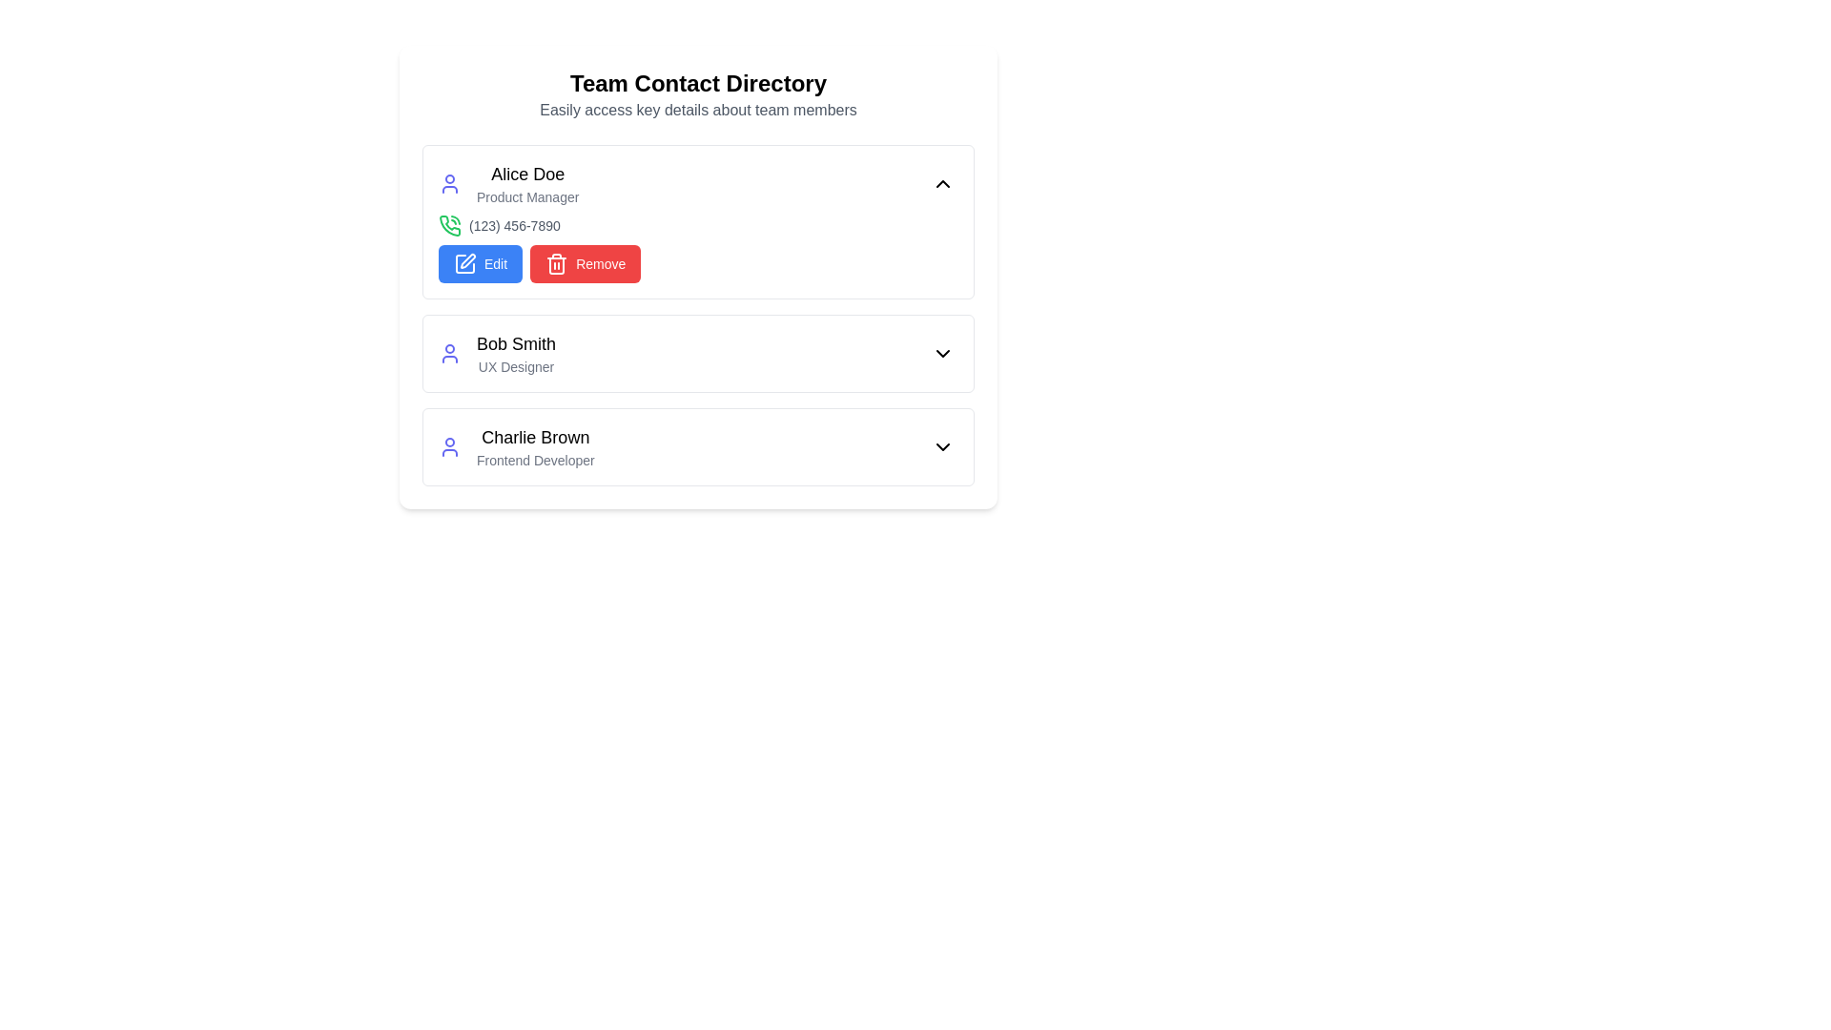 Image resolution: width=1831 pixels, height=1030 pixels. I want to click on the 'Edit' button with a blue background and a pen icon, so click(481, 264).